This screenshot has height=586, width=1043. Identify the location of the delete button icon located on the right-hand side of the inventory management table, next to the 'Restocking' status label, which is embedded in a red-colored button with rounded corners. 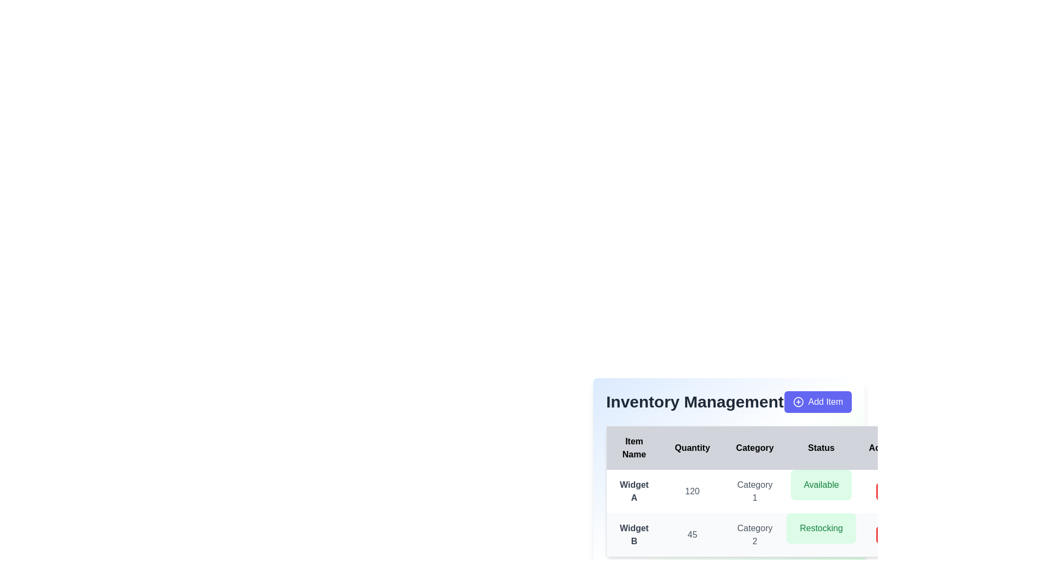
(884, 534).